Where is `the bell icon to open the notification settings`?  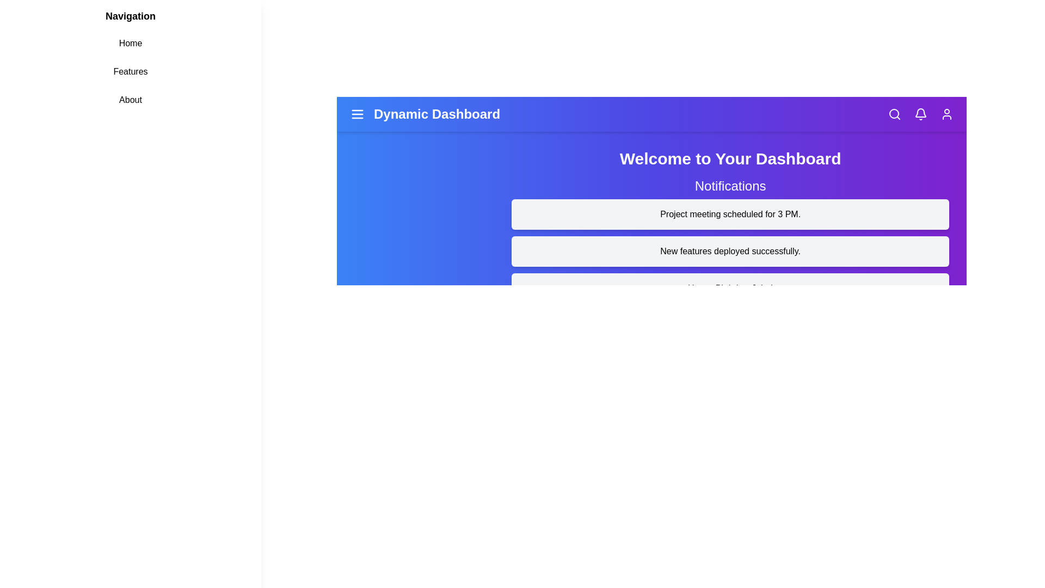 the bell icon to open the notification settings is located at coordinates (920, 114).